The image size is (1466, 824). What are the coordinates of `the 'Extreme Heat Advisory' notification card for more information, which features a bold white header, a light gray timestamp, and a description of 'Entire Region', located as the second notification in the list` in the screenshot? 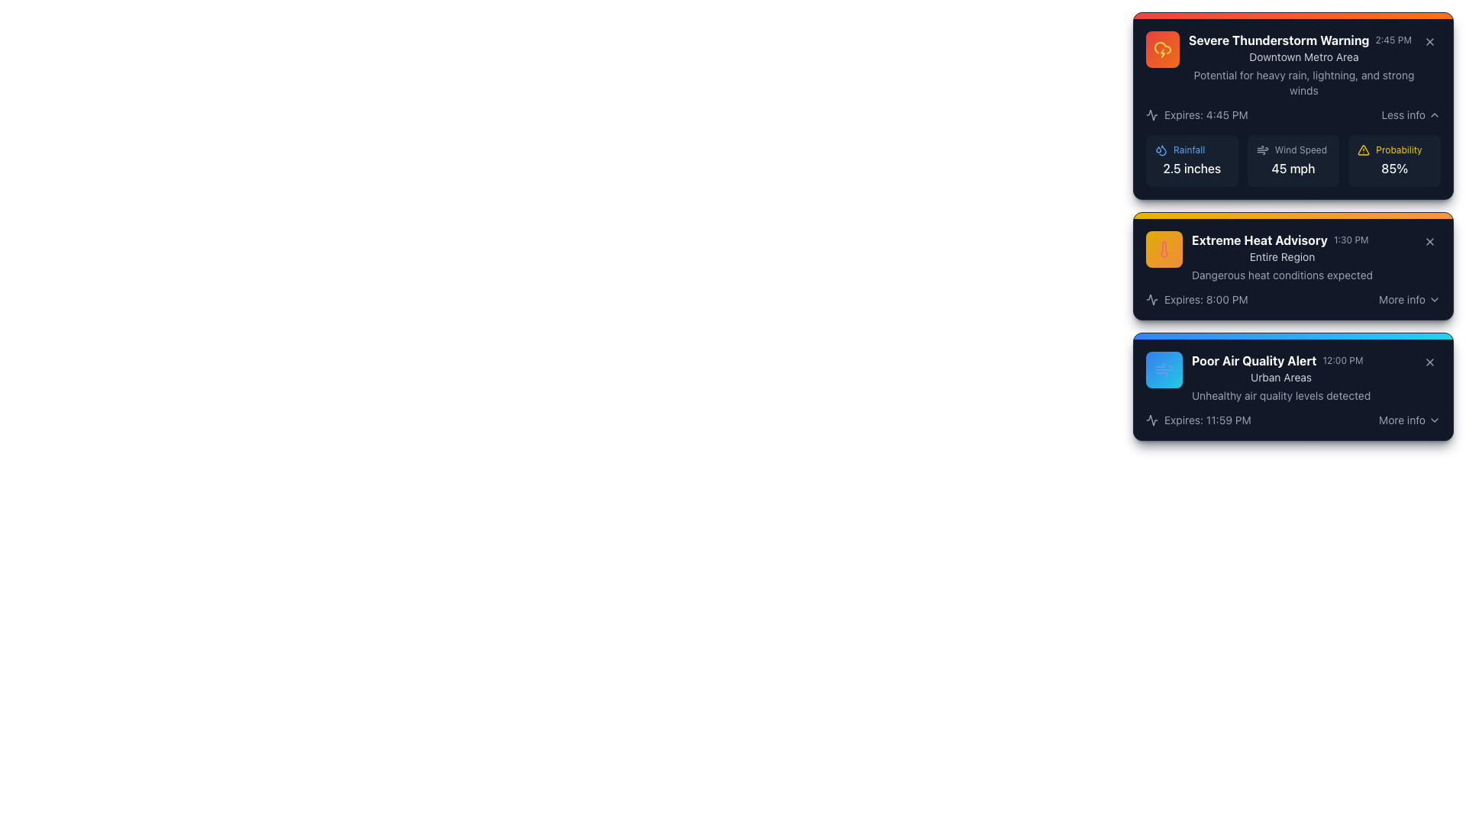 It's located at (1293, 256).